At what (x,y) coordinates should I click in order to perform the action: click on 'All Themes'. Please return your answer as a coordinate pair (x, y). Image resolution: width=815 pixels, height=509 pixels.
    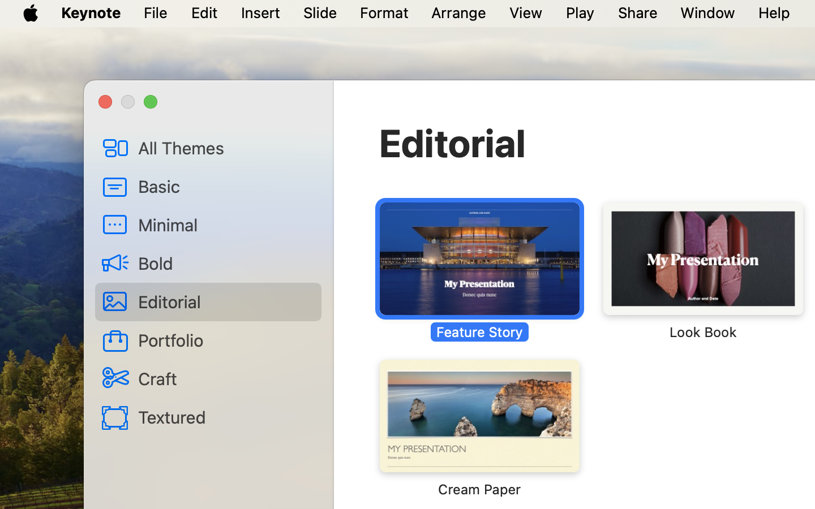
    Looking at the image, I should click on (225, 147).